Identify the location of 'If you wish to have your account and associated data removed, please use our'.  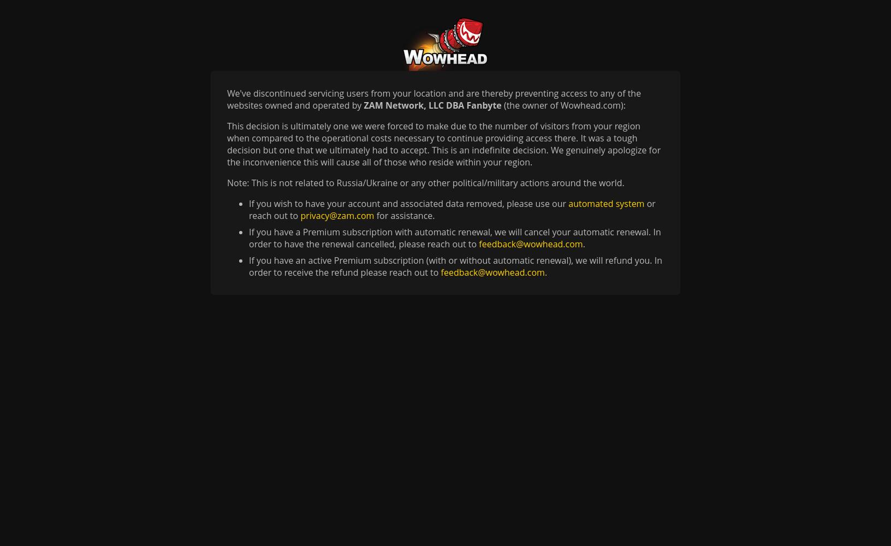
(408, 203).